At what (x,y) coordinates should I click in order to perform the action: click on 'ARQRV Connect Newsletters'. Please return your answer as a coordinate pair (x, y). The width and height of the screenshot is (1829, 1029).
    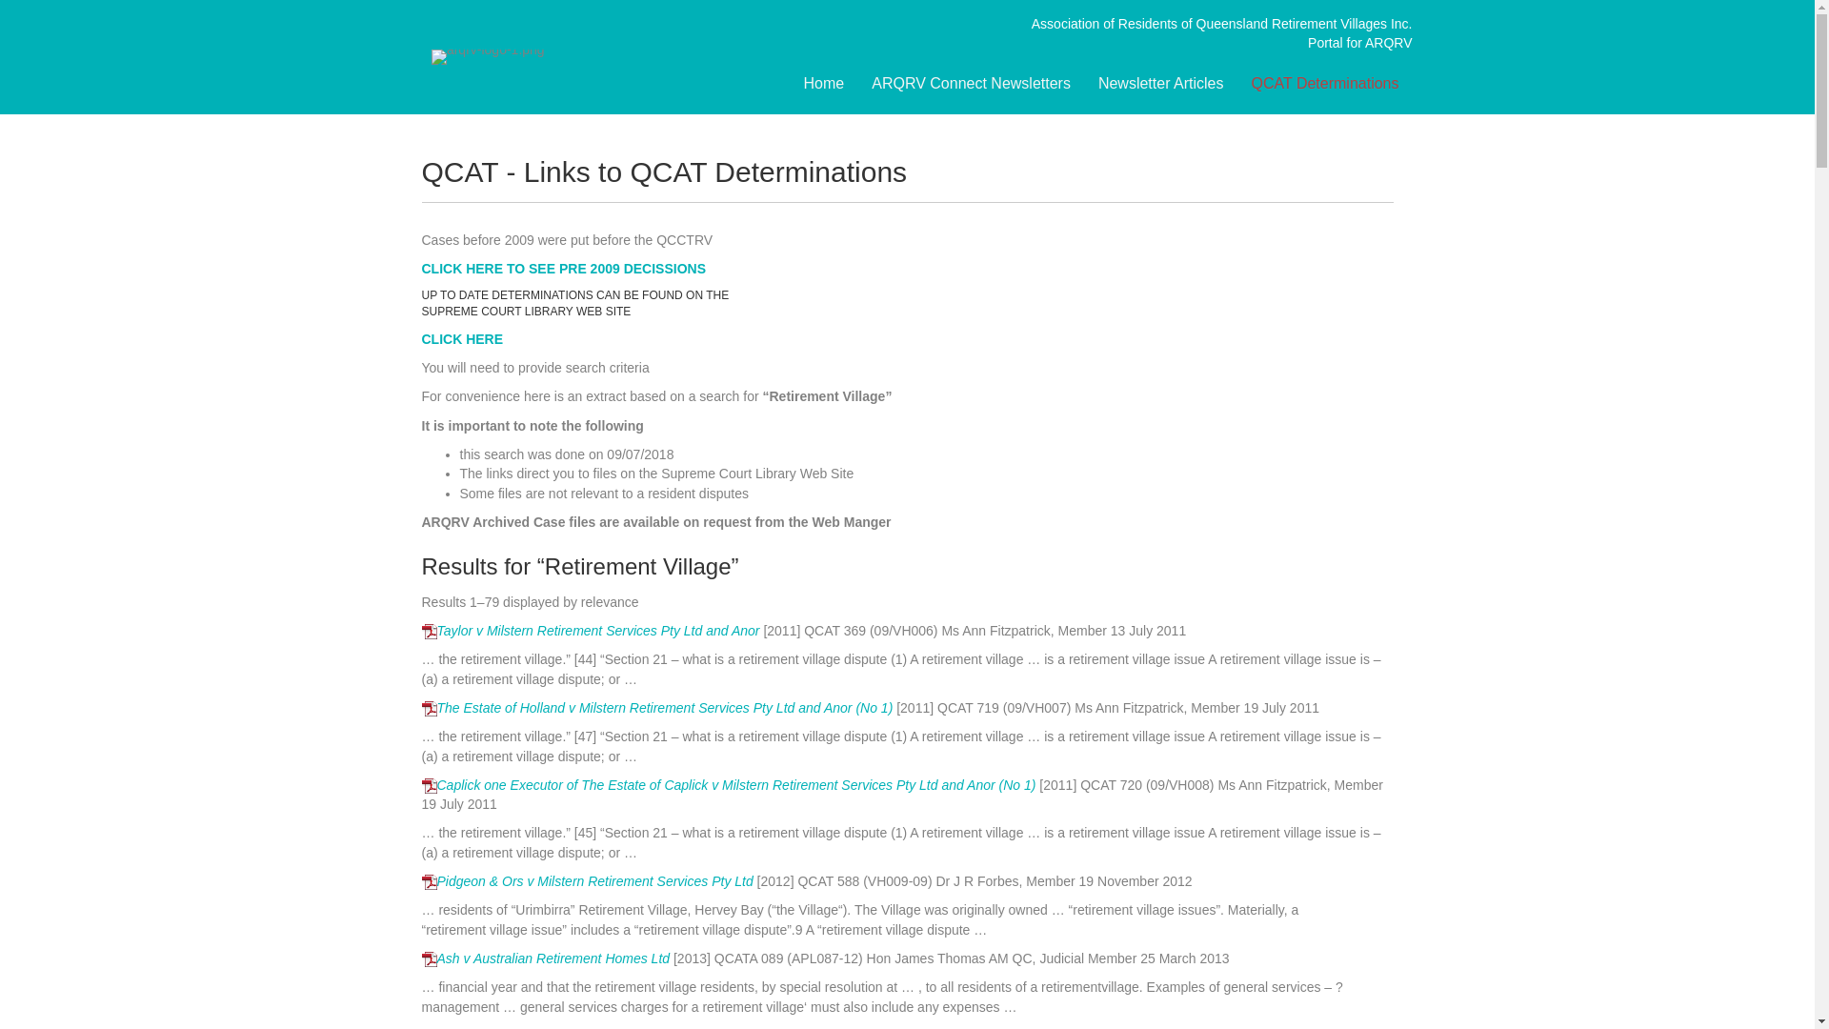
    Looking at the image, I should click on (971, 83).